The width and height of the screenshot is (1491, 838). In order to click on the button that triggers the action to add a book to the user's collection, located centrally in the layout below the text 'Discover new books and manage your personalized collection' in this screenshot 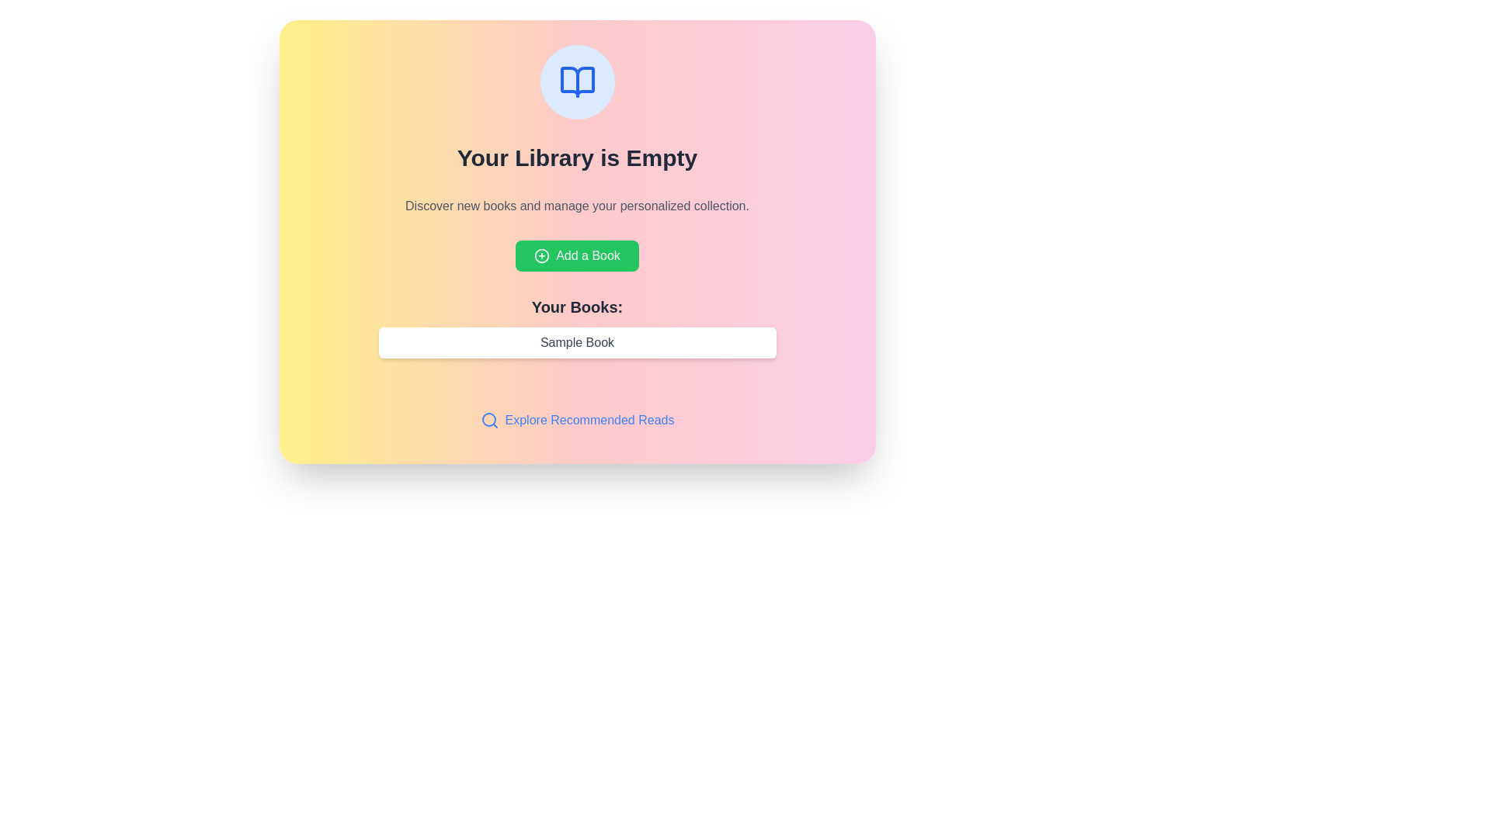, I will do `click(576, 255)`.